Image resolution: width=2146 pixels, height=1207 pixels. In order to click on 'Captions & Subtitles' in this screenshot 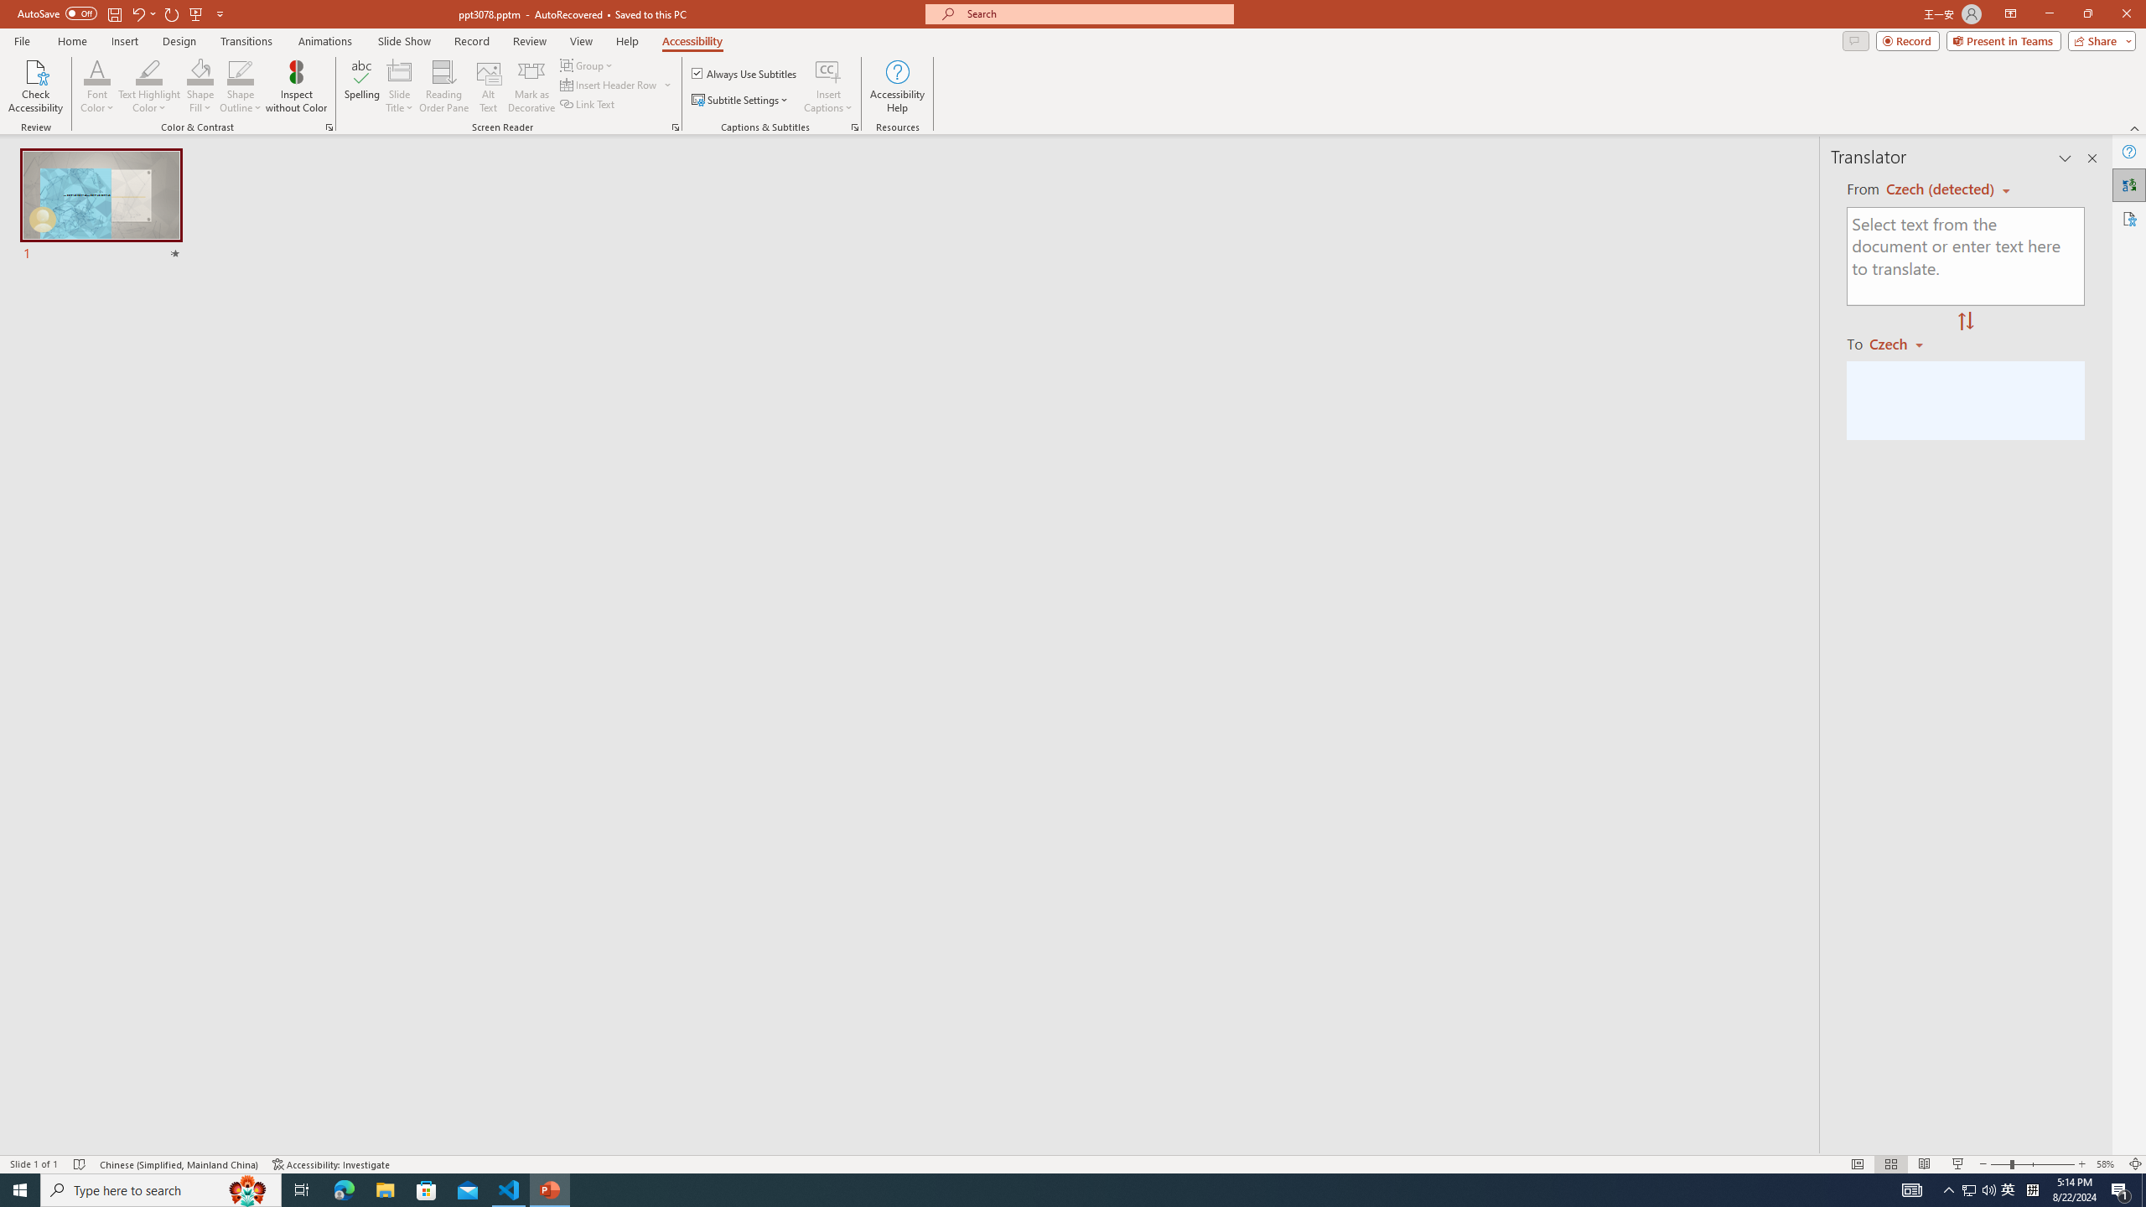, I will do `click(854, 126)`.